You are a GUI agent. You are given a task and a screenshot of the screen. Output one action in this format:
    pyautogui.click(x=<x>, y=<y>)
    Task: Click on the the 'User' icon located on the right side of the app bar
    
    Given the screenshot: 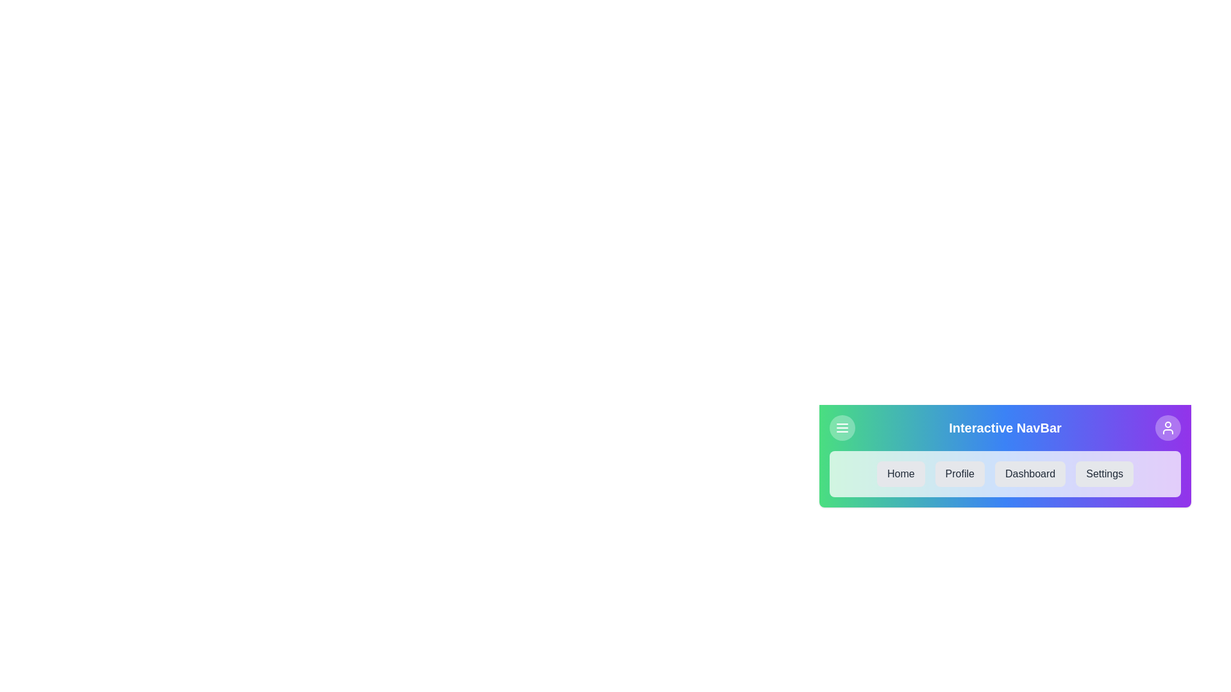 What is the action you would take?
    pyautogui.click(x=1168, y=427)
    